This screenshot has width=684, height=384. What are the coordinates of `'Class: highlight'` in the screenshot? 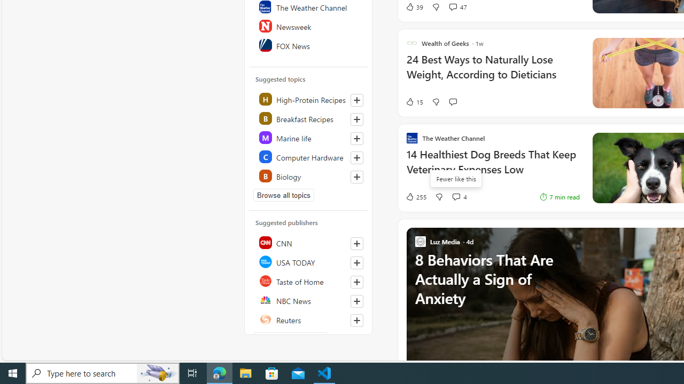 It's located at (308, 175).